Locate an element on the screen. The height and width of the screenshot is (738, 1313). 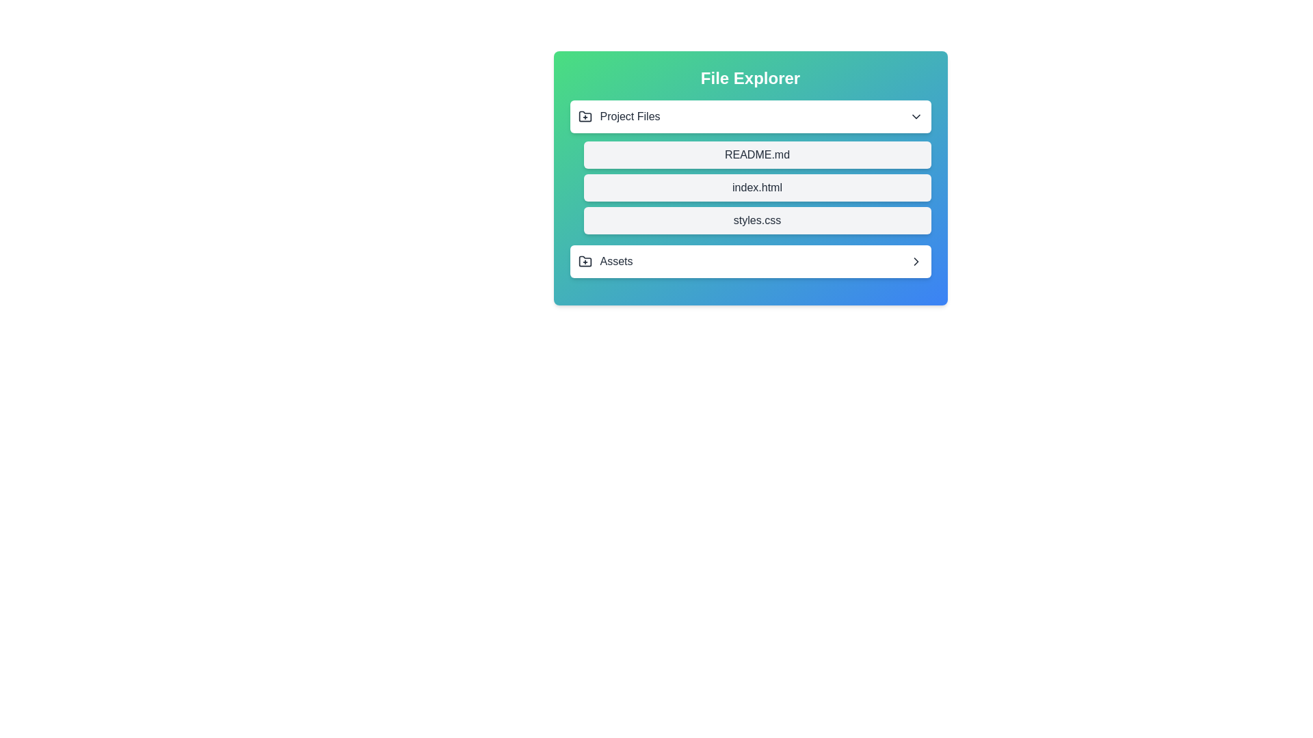
text content of the label that displays 'Project Files', which is styled in a medium font weight and located next to a folder icon with a plus sign is located at coordinates (629, 115).